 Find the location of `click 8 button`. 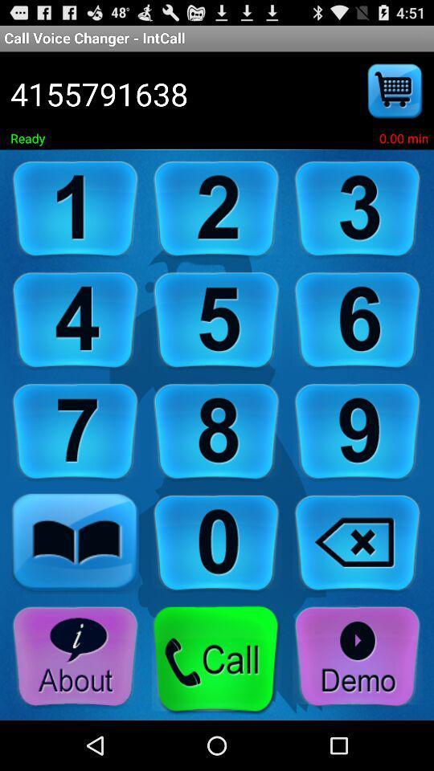

click 8 button is located at coordinates (216, 431).